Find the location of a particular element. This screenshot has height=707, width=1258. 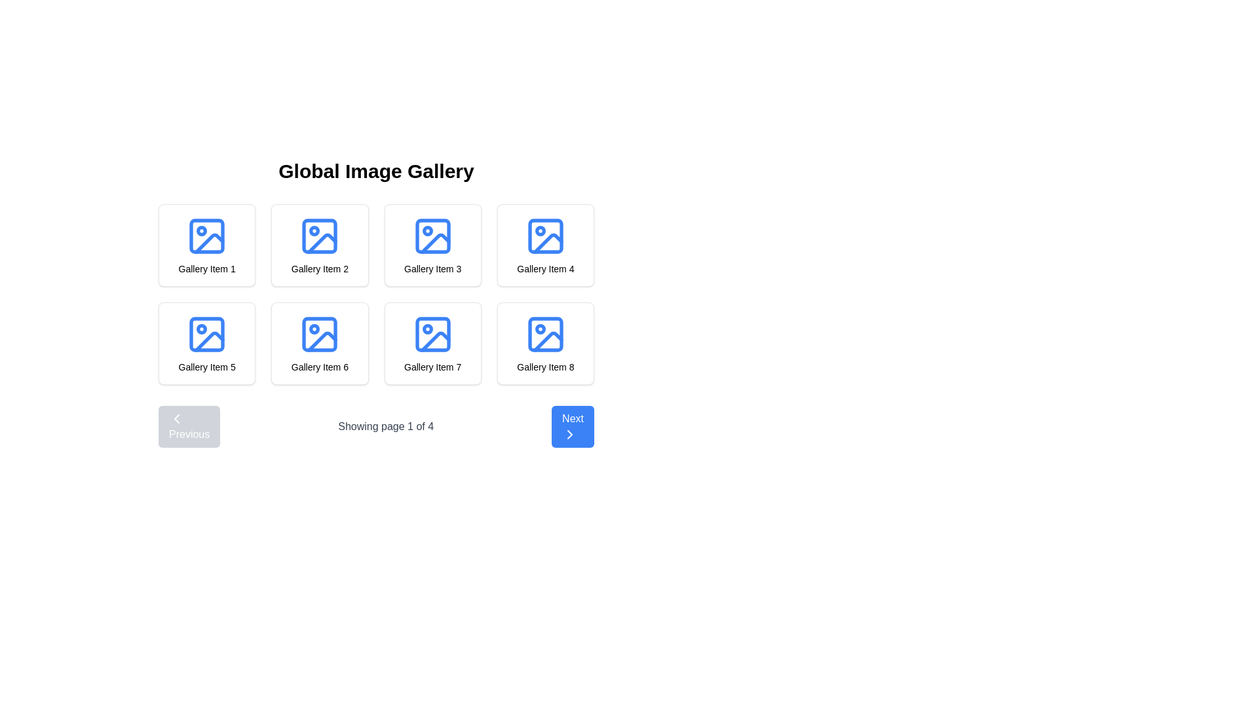

text label 'Gallery Item 4' located in the fourth tile of the grid layout, positioned below the associated icon is located at coordinates (545, 268).